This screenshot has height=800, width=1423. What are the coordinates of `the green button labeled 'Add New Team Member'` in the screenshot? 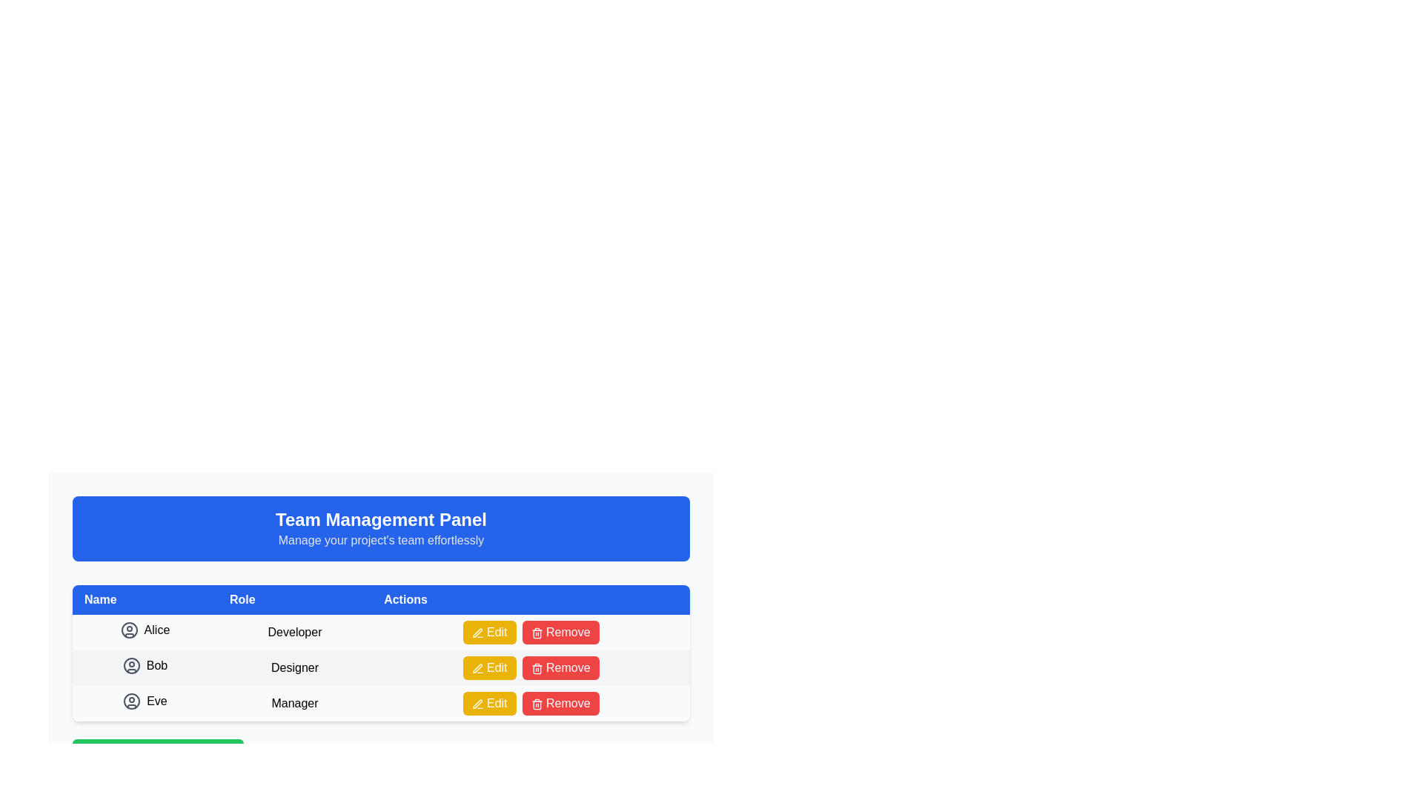 It's located at (158, 754).